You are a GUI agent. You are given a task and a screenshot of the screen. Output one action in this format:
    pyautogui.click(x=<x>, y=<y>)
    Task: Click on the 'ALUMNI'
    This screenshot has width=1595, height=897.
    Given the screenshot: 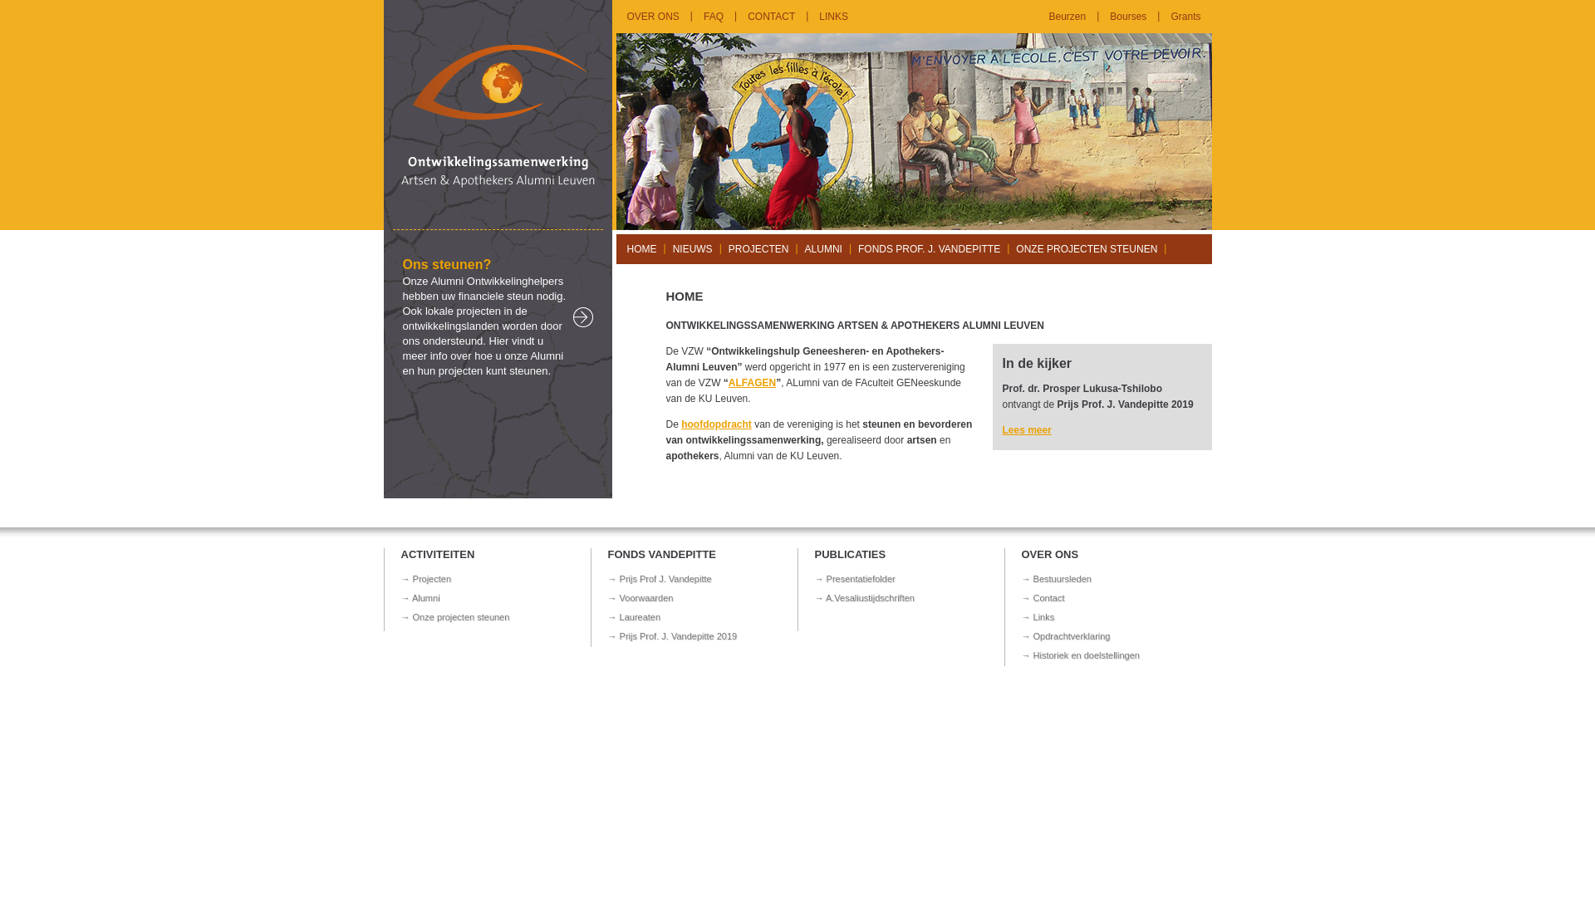 What is the action you would take?
    pyautogui.click(x=823, y=249)
    